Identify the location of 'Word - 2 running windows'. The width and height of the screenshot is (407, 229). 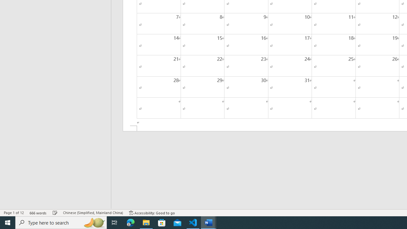
(209, 222).